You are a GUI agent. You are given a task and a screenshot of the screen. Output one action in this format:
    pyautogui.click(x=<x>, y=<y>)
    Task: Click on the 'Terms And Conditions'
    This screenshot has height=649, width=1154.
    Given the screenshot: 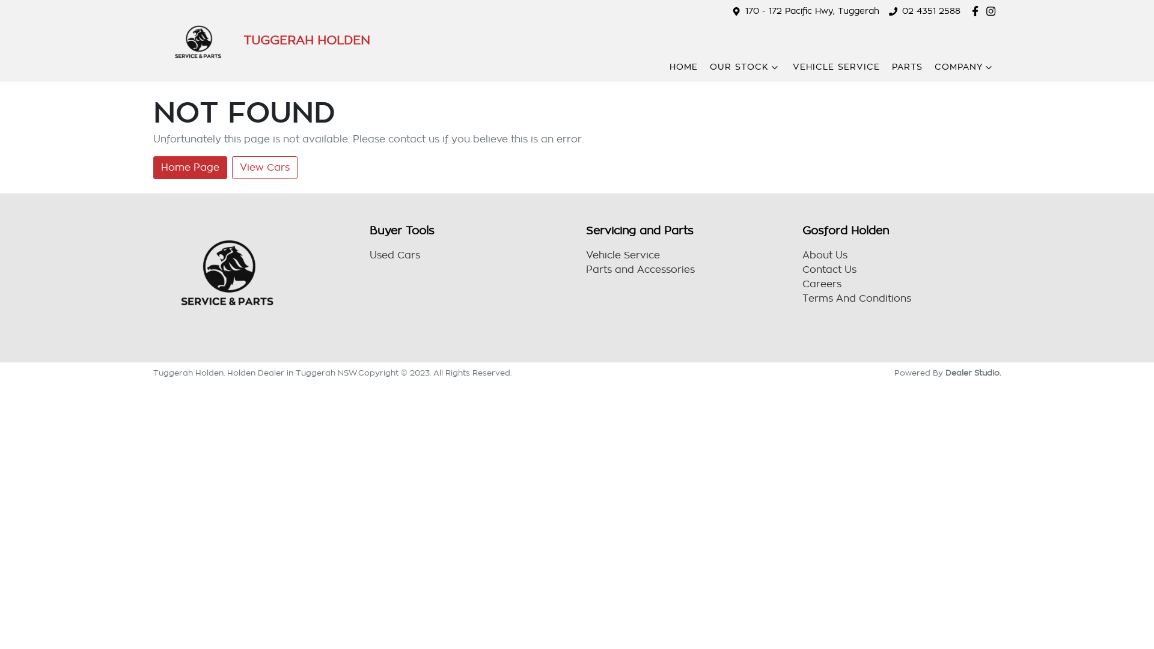 What is the action you would take?
    pyautogui.click(x=856, y=298)
    